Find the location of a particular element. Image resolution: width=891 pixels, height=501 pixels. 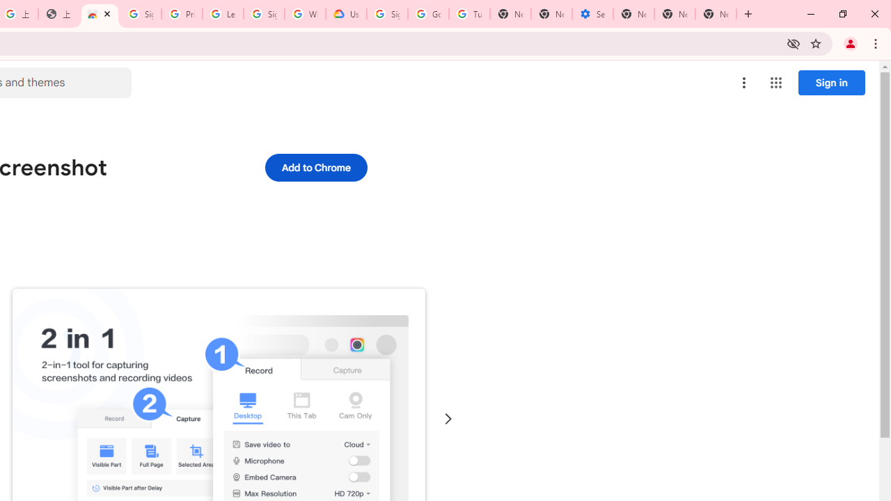

'New Tab' is located at coordinates (716, 14).